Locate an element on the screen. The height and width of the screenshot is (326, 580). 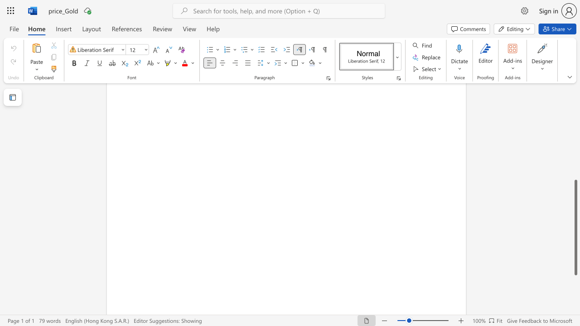
the scrollbar and move down 110 pixels is located at coordinates (575, 227).